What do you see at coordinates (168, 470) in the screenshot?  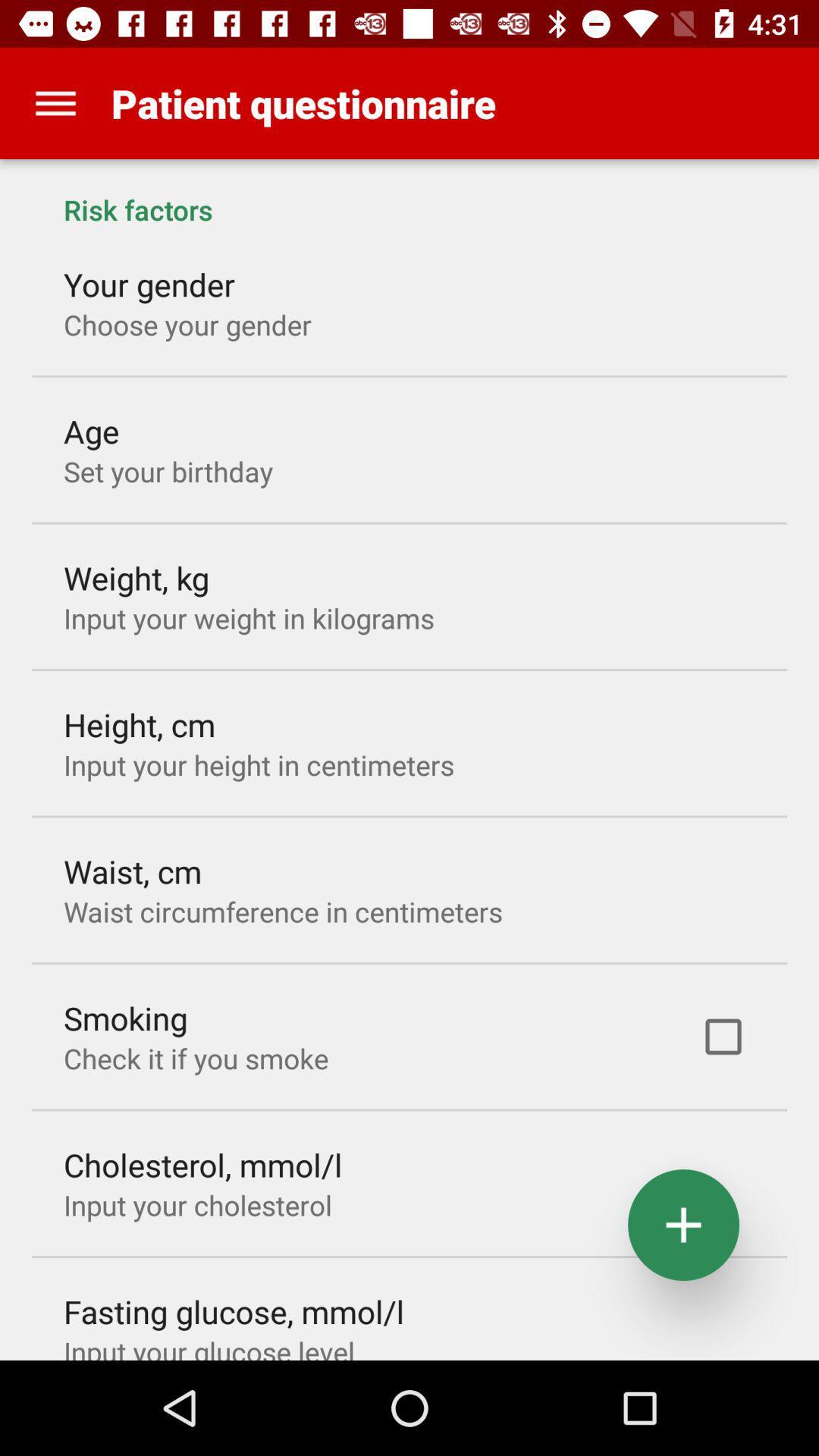 I see `the set your birthday app` at bounding box center [168, 470].